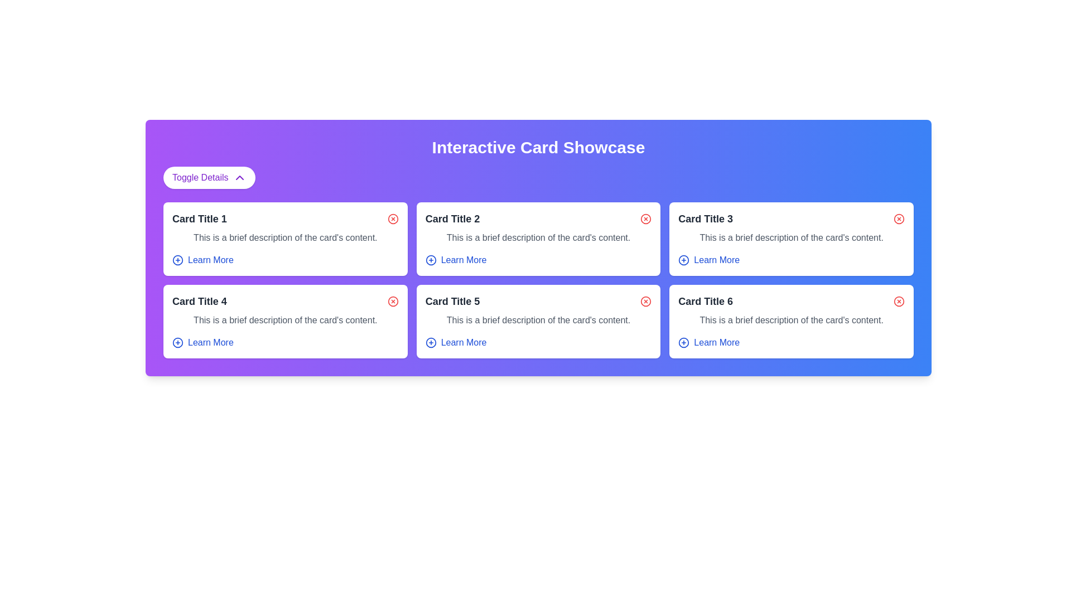  Describe the element at coordinates (199, 301) in the screenshot. I see `the text content of the title text element located in 'Card Title 4', which is the topmost text element in the first column of the second row in the grid layout` at that location.